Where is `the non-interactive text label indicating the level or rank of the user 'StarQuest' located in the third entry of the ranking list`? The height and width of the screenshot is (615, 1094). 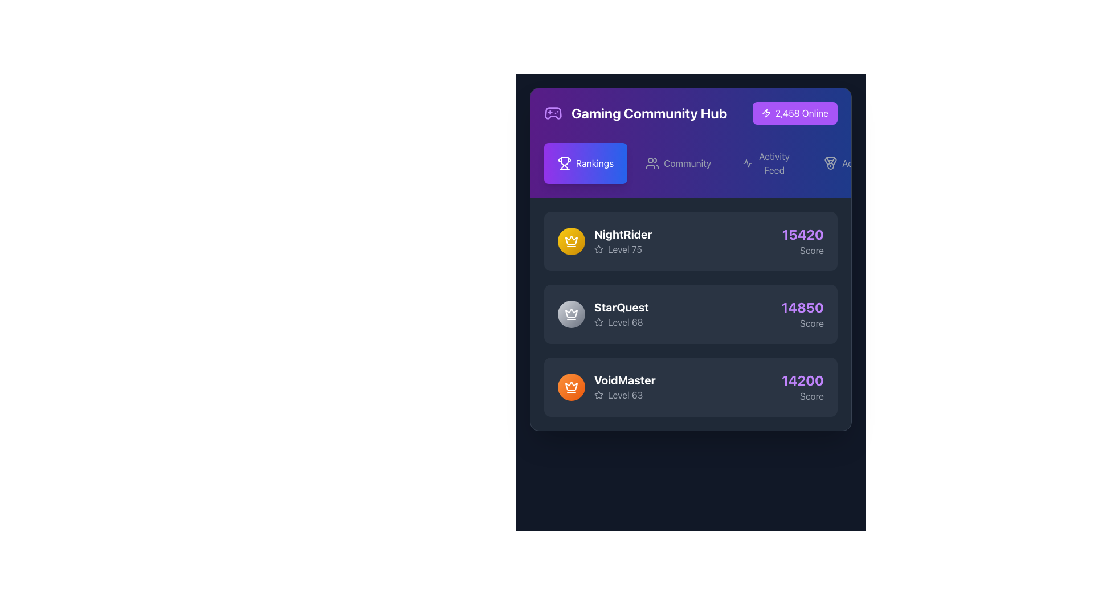
the non-interactive text label indicating the level or rank of the user 'StarQuest' located in the third entry of the ranking list is located at coordinates (624, 322).